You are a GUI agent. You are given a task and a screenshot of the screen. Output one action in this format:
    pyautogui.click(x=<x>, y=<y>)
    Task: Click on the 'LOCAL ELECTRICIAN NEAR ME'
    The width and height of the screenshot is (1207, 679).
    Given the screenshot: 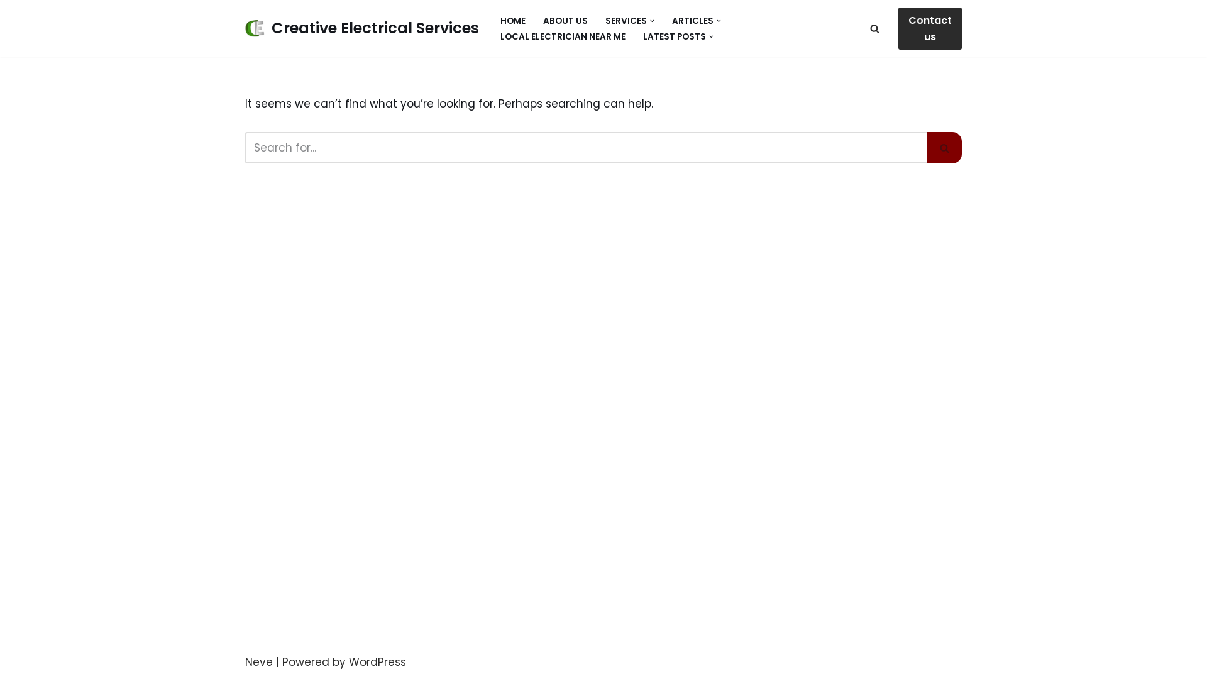 What is the action you would take?
    pyautogui.click(x=562, y=36)
    